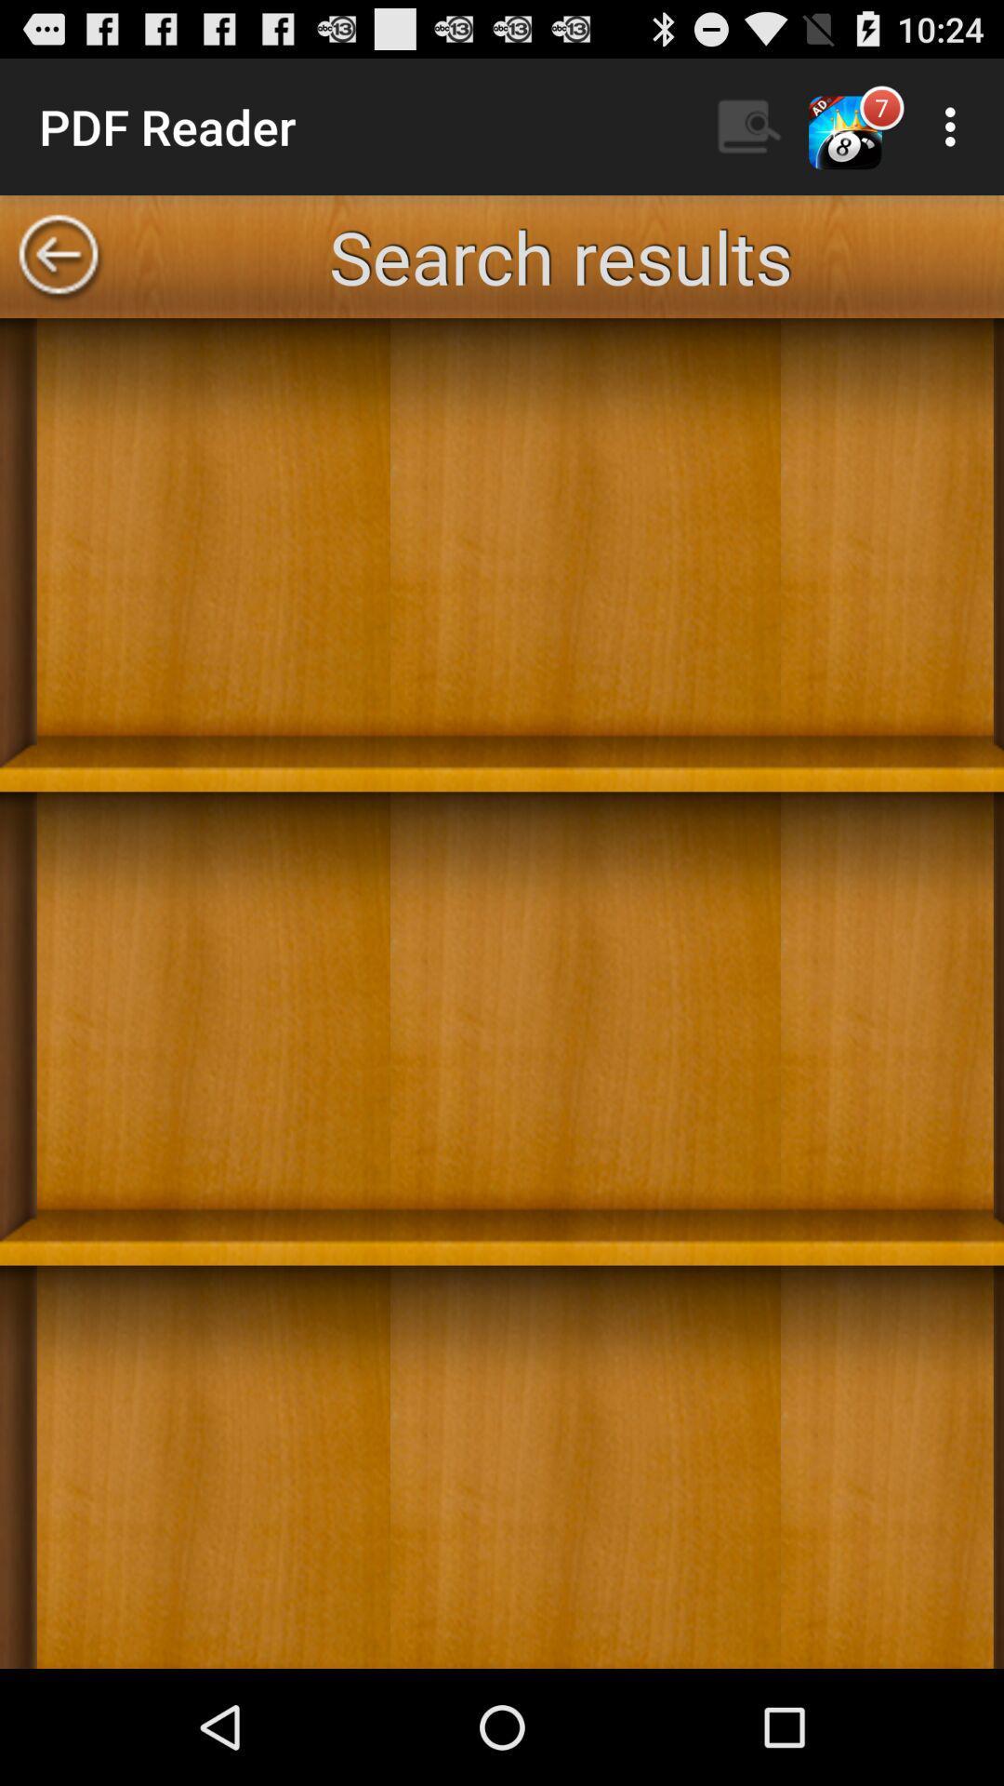 The height and width of the screenshot is (1786, 1004). What do you see at coordinates (57, 273) in the screenshot?
I see `the arrow_backward icon` at bounding box center [57, 273].